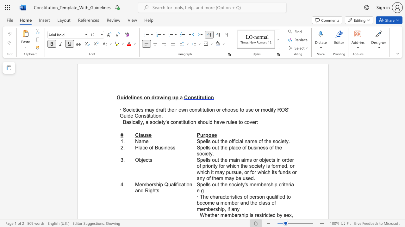 The height and width of the screenshot is (227, 405). What do you see at coordinates (194, 109) in the screenshot?
I see `the subset text "nstitution or c" within the text "· Societies may draft their own constitution or choose to use or"` at bounding box center [194, 109].